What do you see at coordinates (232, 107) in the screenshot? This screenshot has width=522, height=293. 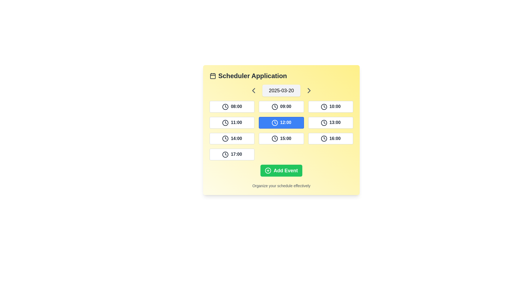 I see `the button labeled '08:00' in the Scheduler Application` at bounding box center [232, 107].